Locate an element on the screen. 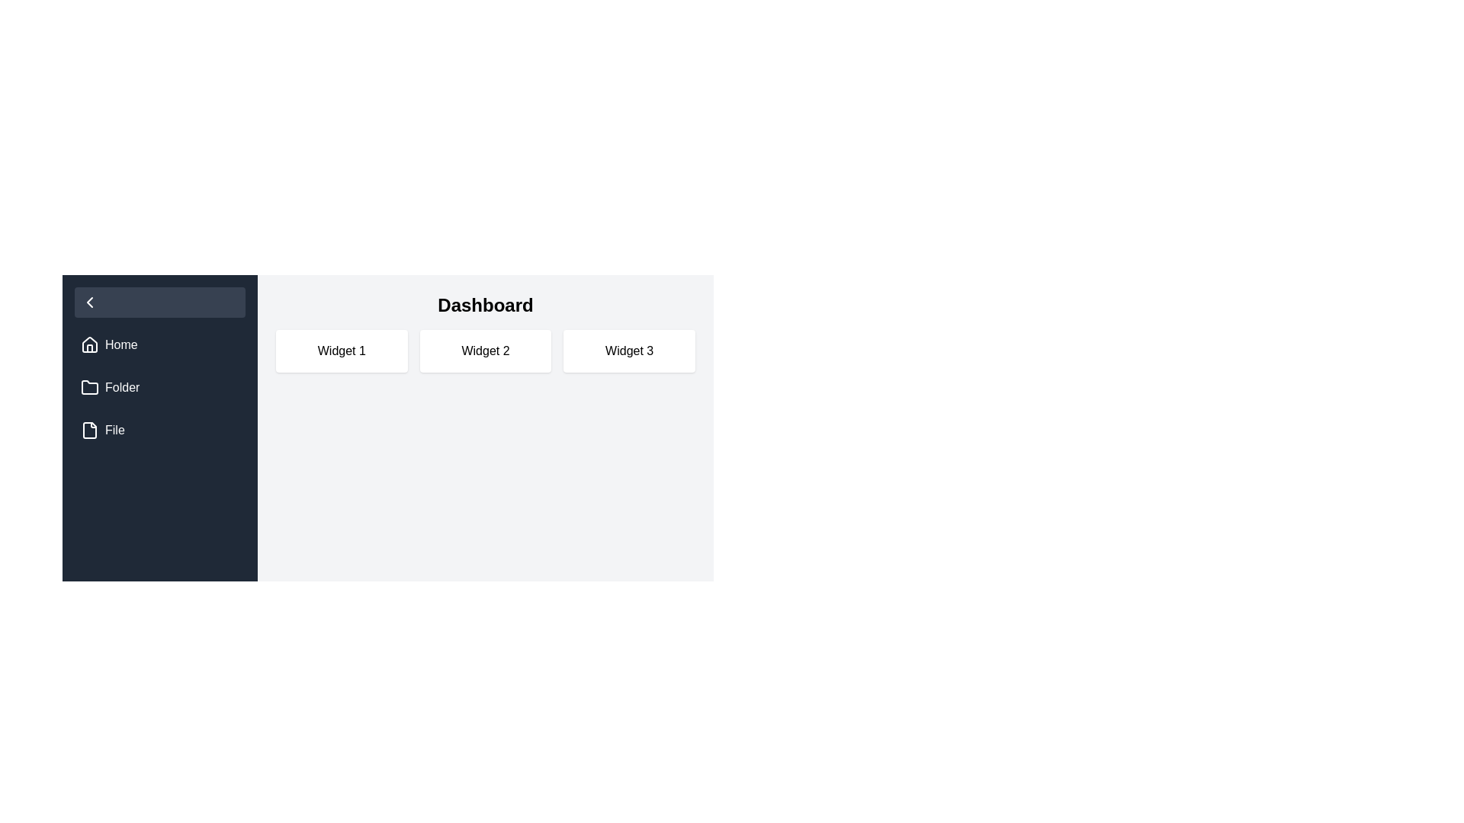  the 'Folder' text label in the sidebar, which identifies the 'Folder' menu item positioned below 'Home' and above 'File' is located at coordinates (122, 387).